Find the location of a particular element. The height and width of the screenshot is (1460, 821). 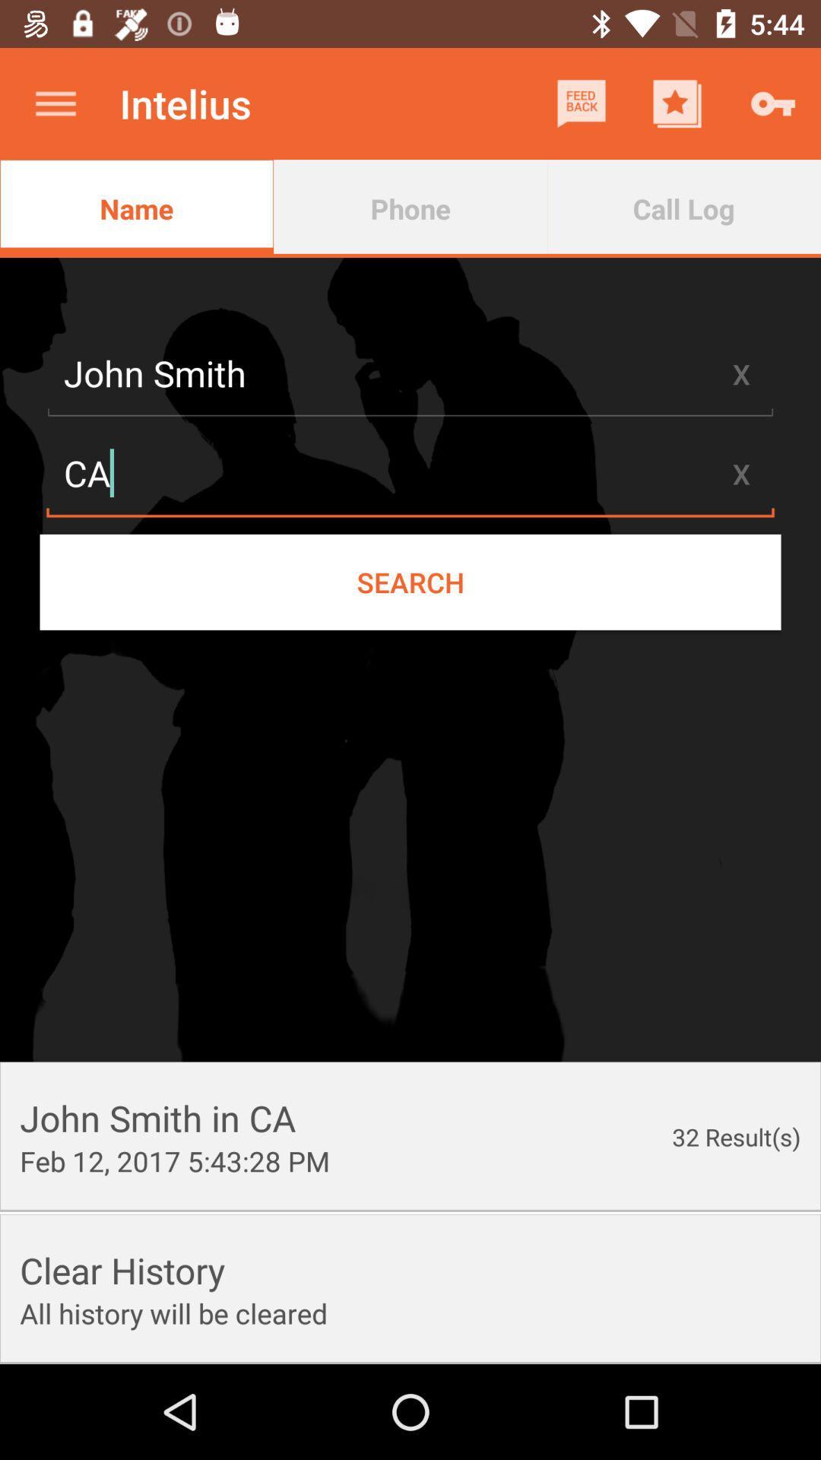

the icon above the name item is located at coordinates (55, 103).